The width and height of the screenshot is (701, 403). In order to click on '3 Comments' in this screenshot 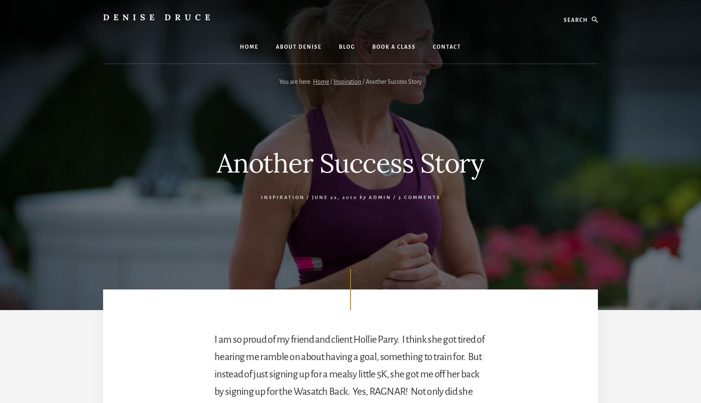, I will do `click(397, 197)`.